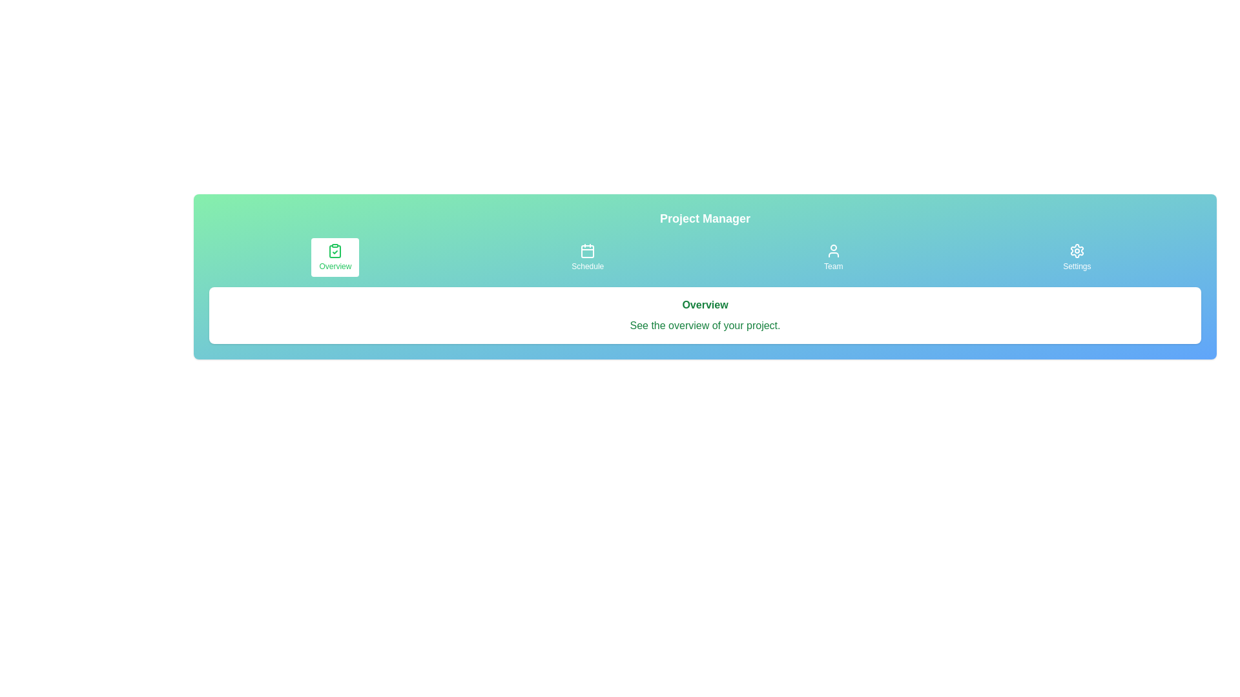  Describe the element at coordinates (335, 265) in the screenshot. I see `the navigation button labeled 'Overview'` at that location.